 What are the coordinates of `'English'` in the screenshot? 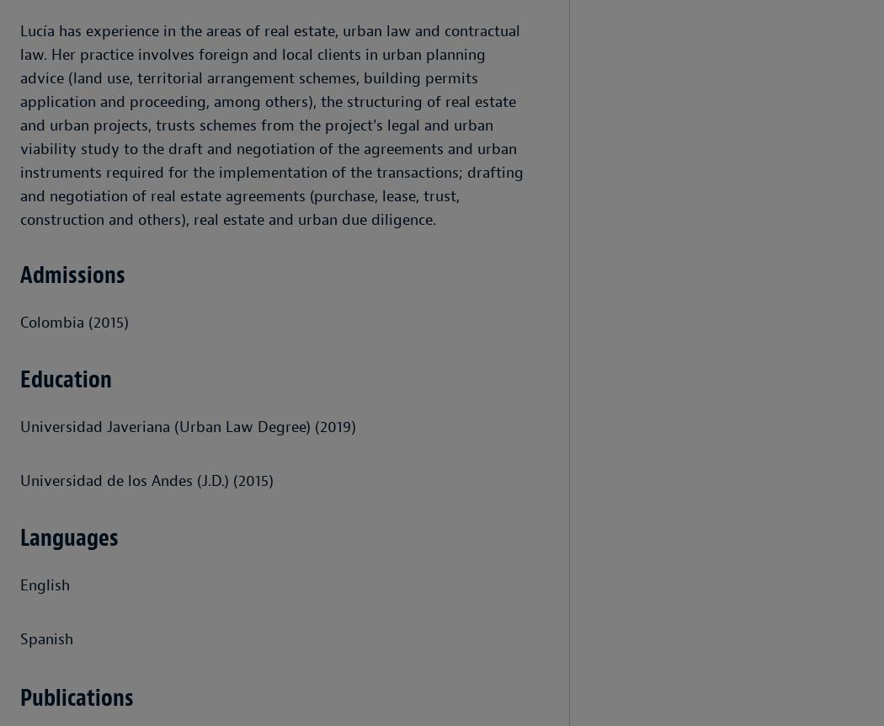 It's located at (44, 585).